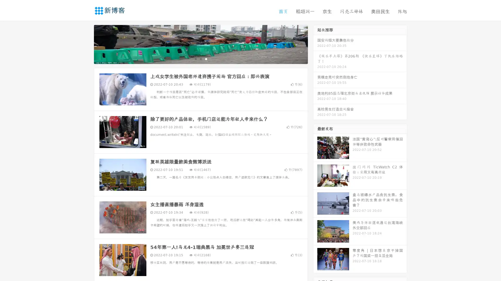  What do you see at coordinates (195, 59) in the screenshot?
I see `Go to slide 1` at bounding box center [195, 59].